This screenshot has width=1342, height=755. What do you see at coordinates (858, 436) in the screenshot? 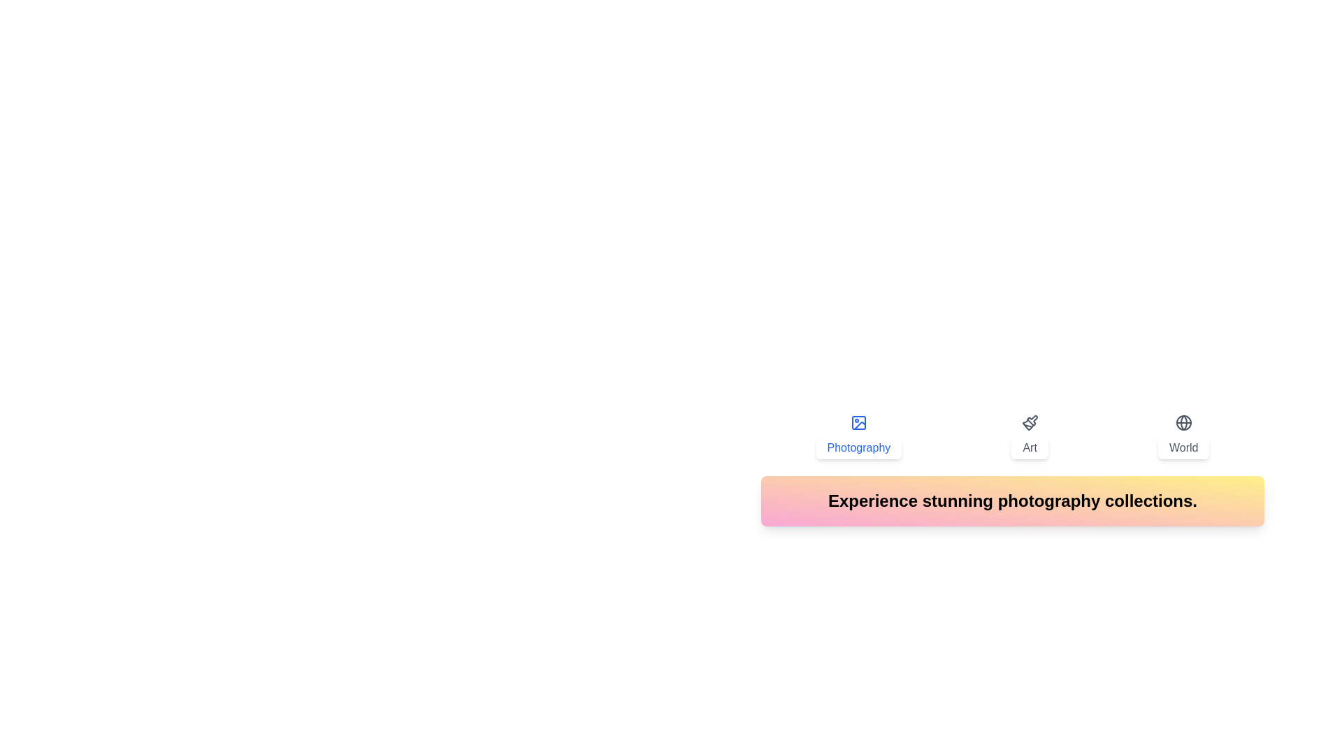
I see `the 'Photography' tab label` at bounding box center [858, 436].